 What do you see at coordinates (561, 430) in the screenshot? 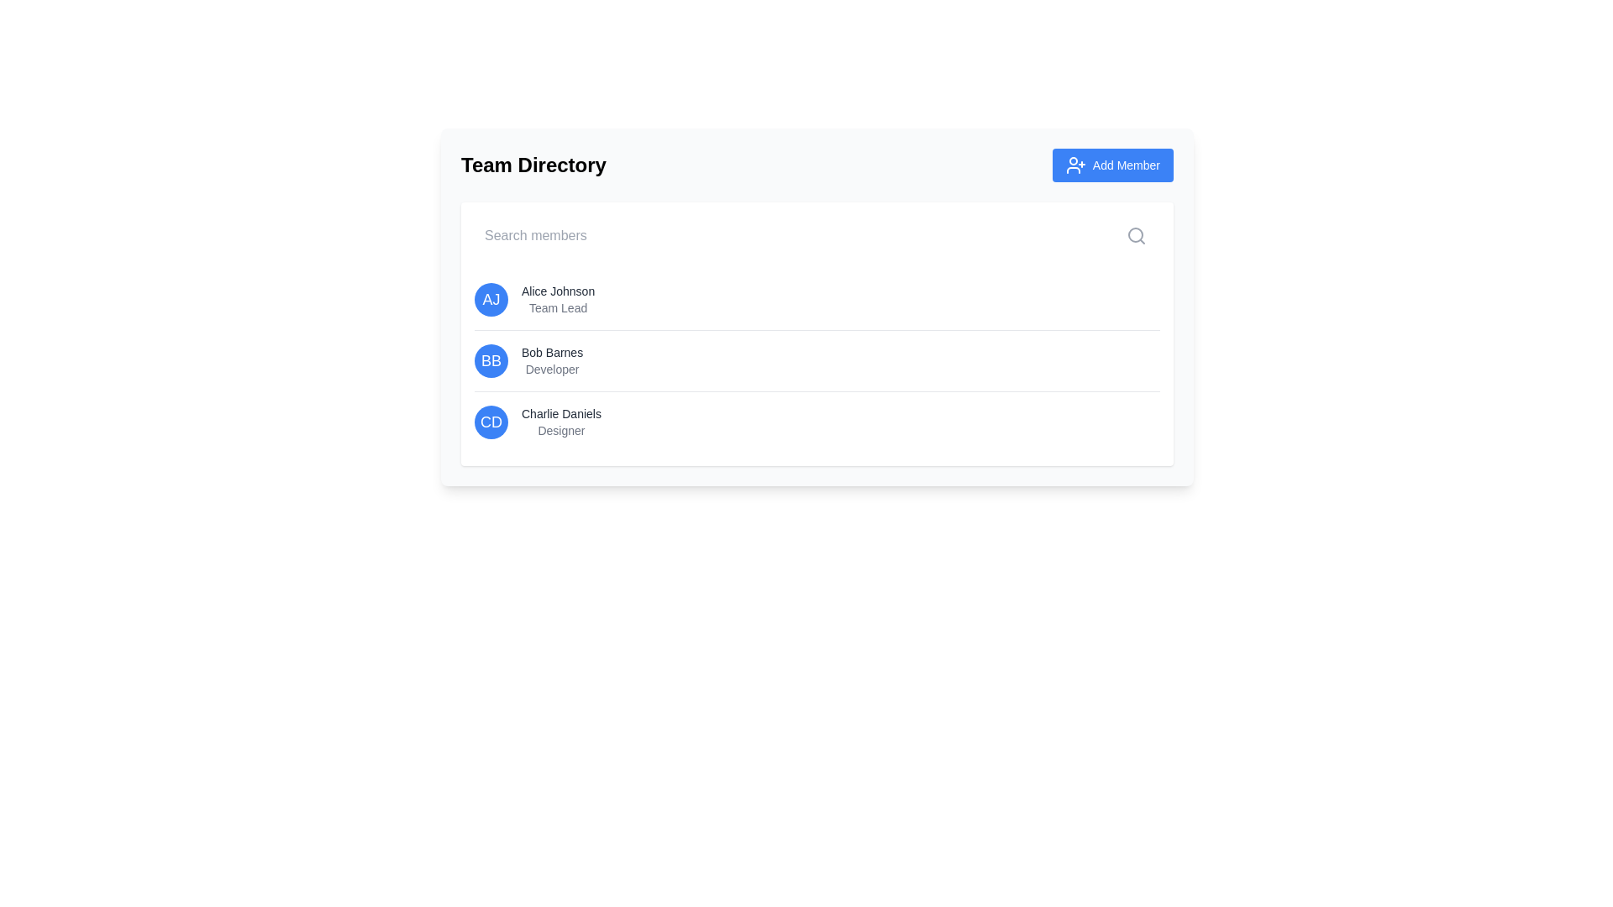
I see `the Static Text element displaying 'Designer', which is located directly beneath 'Charlie Daniels' in a vertically-aligned list of members` at bounding box center [561, 430].